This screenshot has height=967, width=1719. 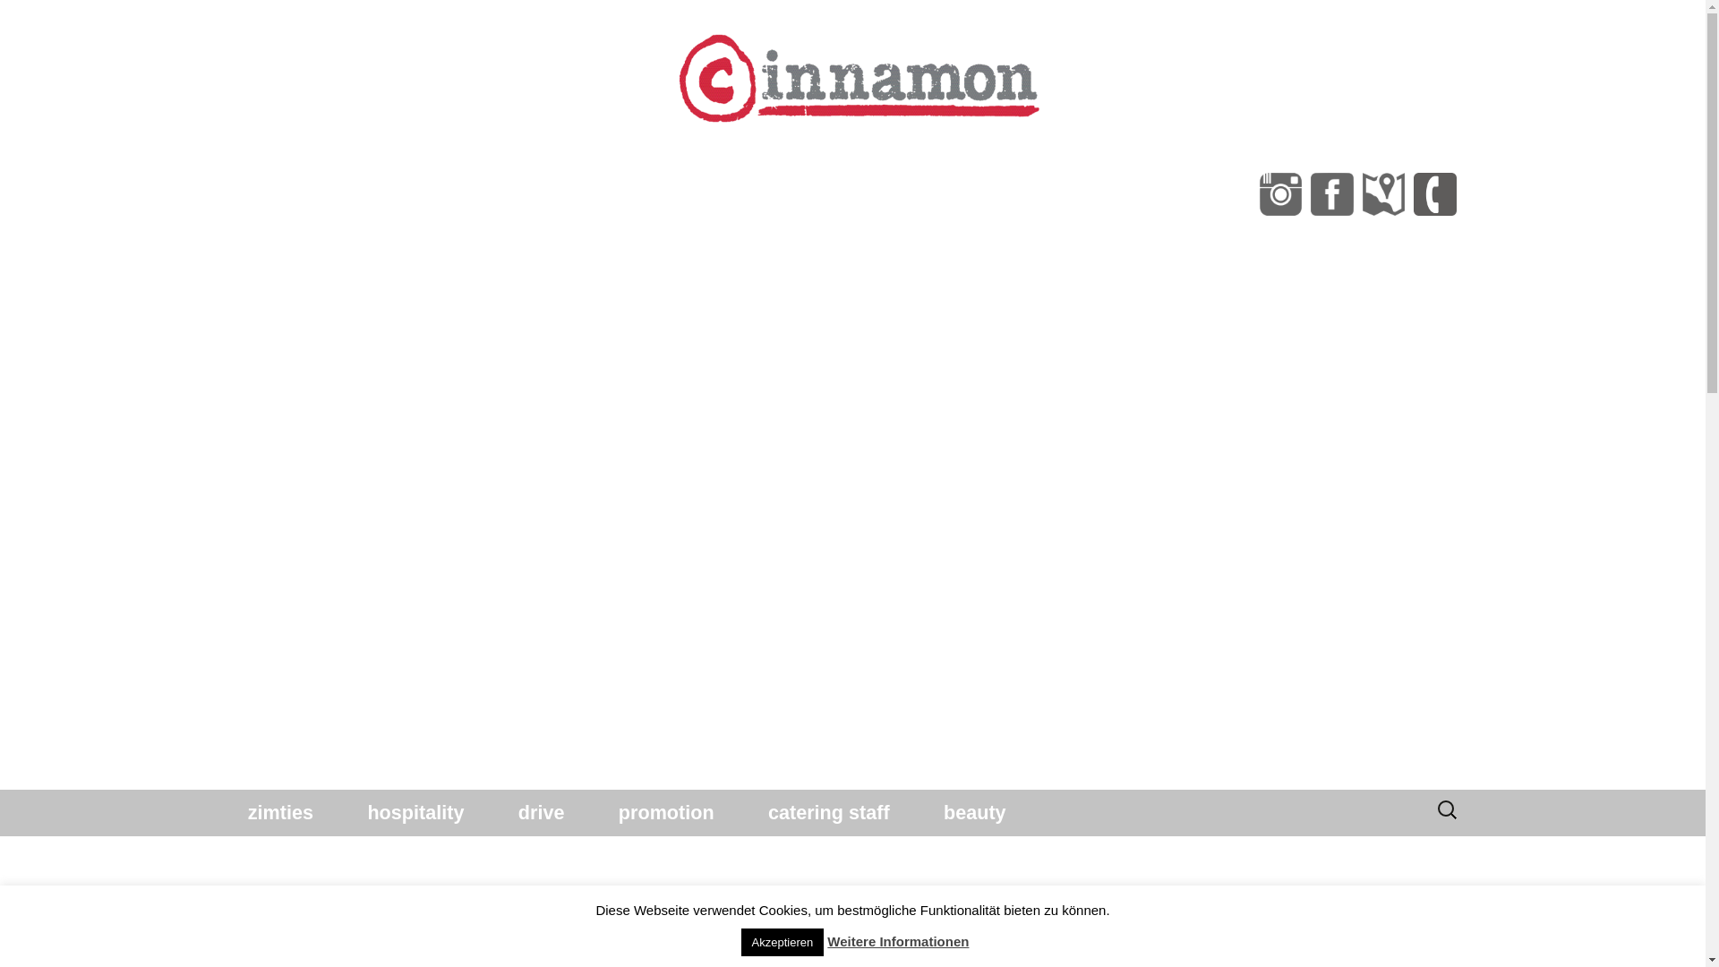 I want to click on 'promotion', so click(x=665, y=812).